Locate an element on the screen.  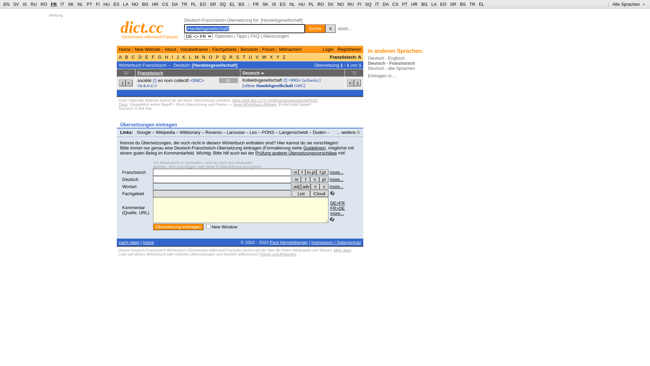
'n' is located at coordinates (314, 179).